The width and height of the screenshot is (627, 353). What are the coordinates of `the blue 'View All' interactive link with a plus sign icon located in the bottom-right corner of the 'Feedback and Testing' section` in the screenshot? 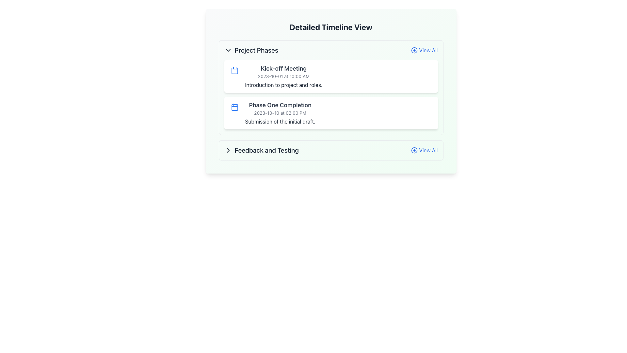 It's located at (424, 150).